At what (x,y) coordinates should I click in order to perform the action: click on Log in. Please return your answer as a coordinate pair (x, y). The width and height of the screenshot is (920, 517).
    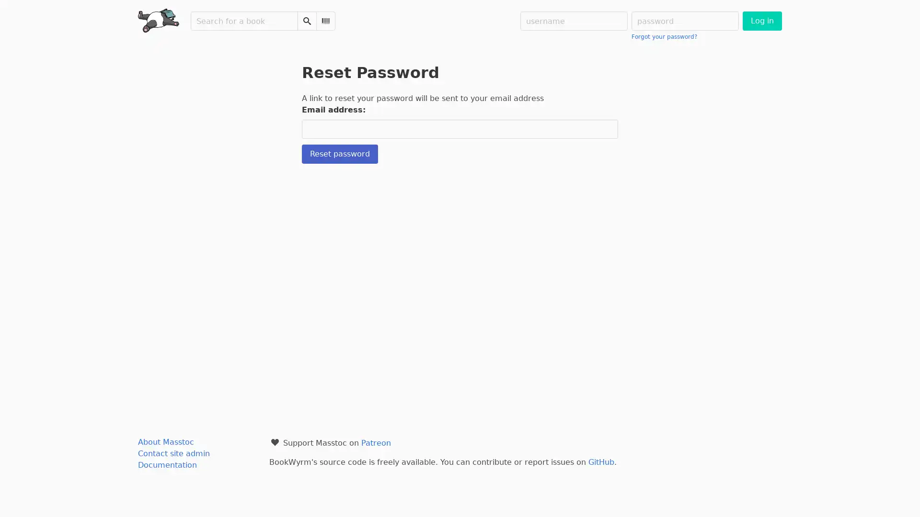
    Looking at the image, I should click on (761, 21).